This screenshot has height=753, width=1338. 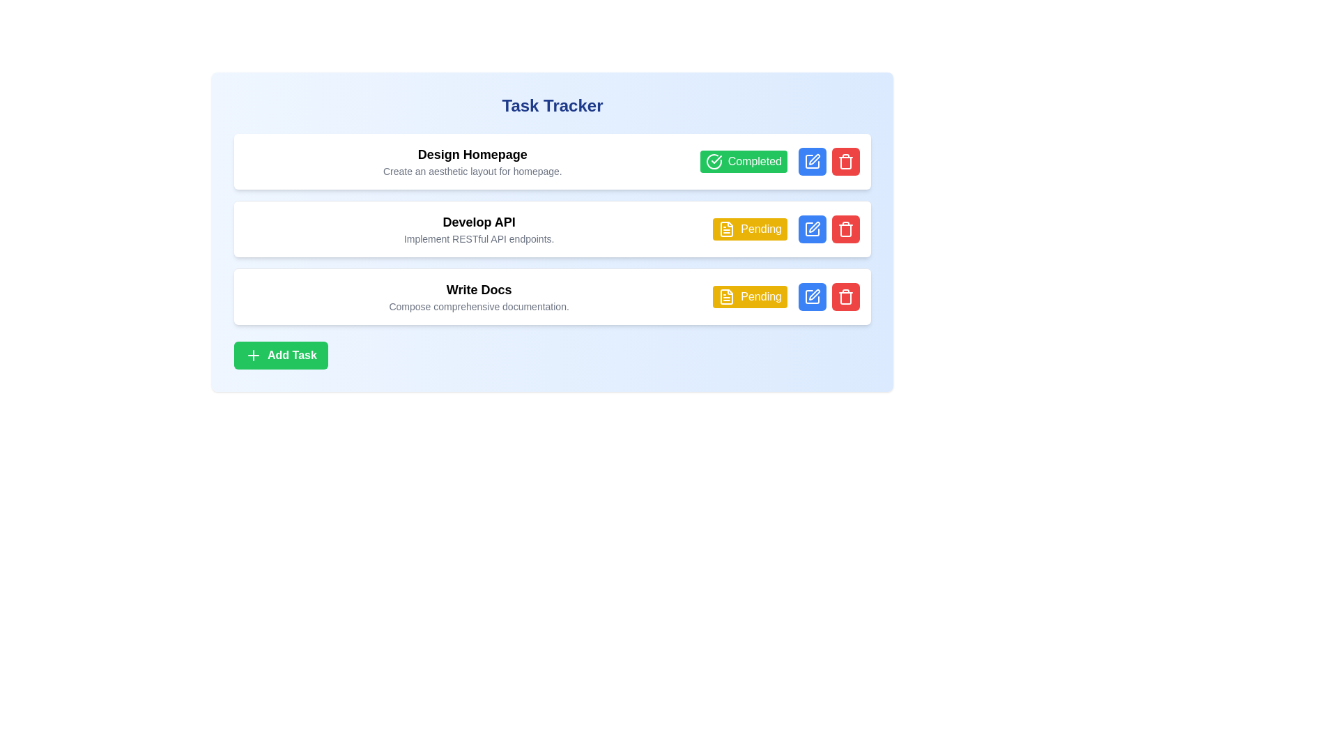 What do you see at coordinates (726, 296) in the screenshot?
I see `the small yellow icon resembling a document with lines, located next to the 'Pending' status label in the second task card` at bounding box center [726, 296].